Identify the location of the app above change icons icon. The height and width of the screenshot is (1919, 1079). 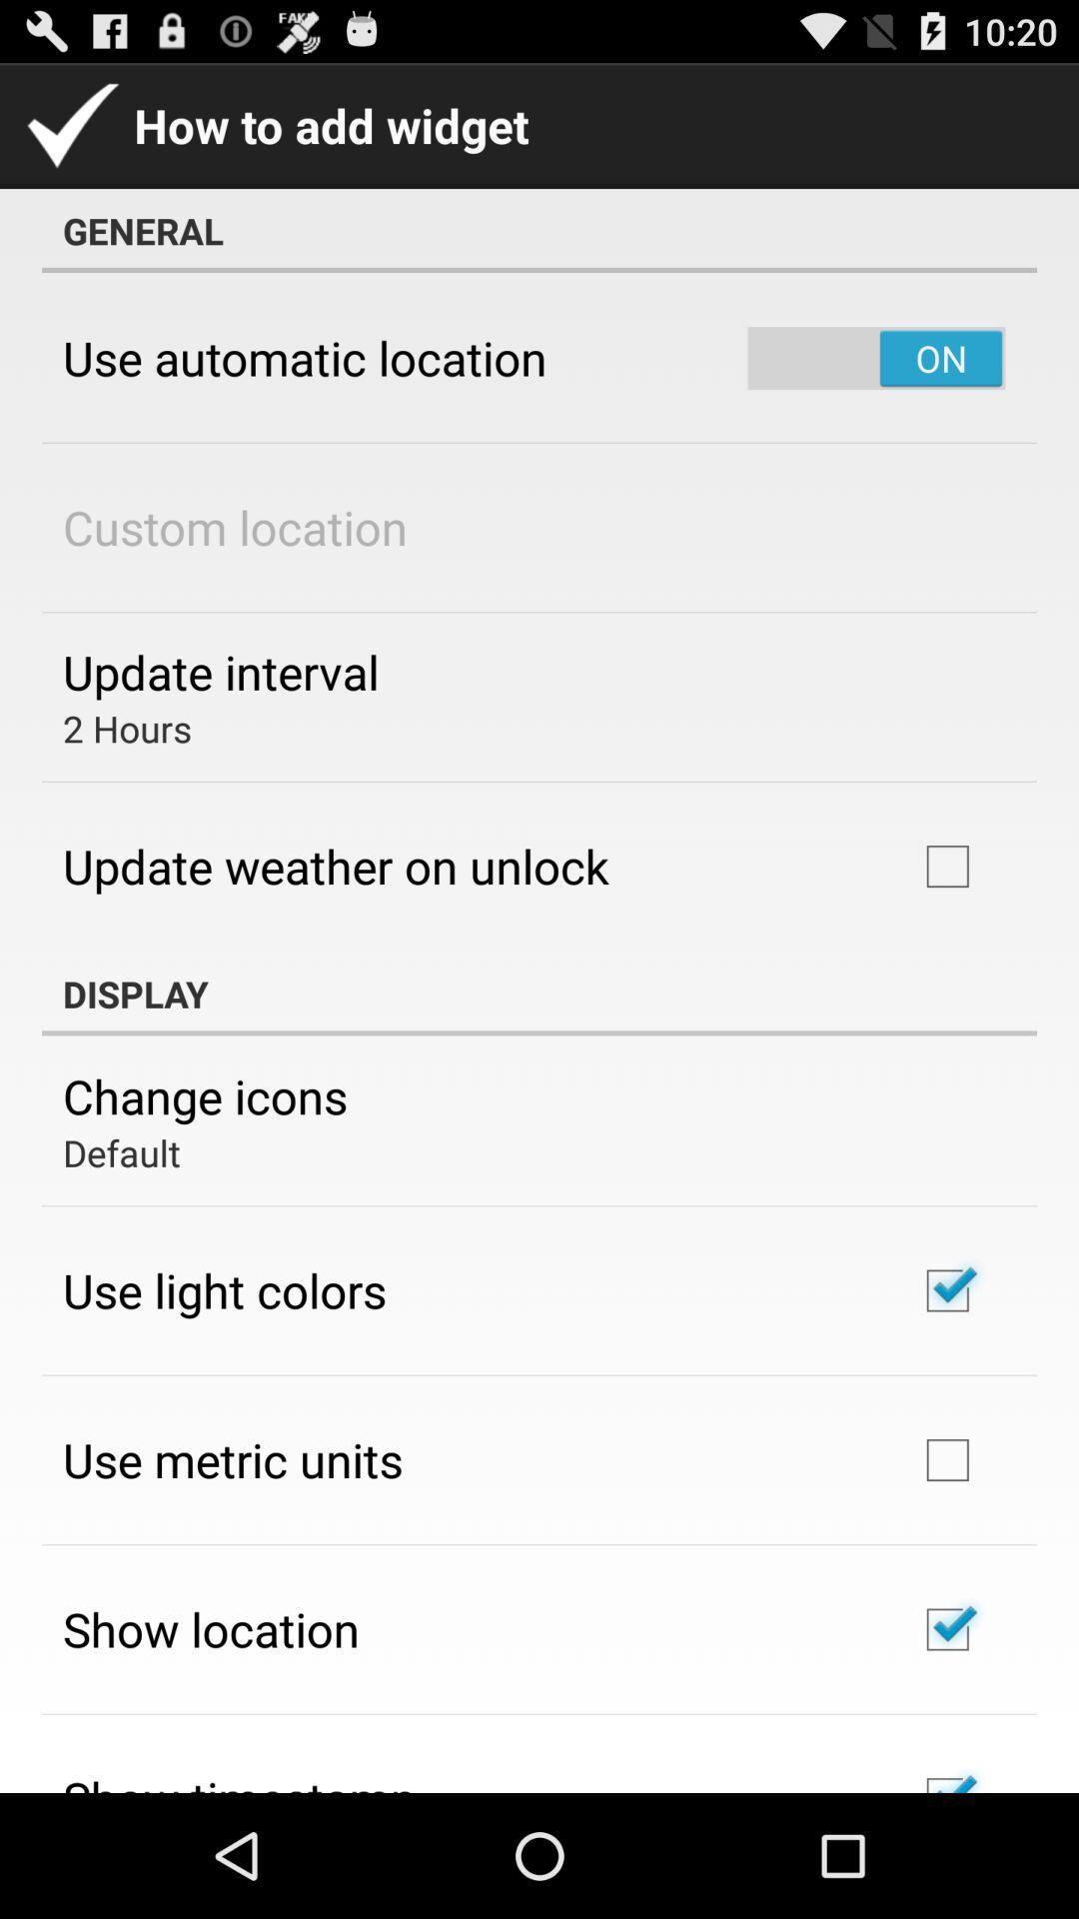
(539, 993).